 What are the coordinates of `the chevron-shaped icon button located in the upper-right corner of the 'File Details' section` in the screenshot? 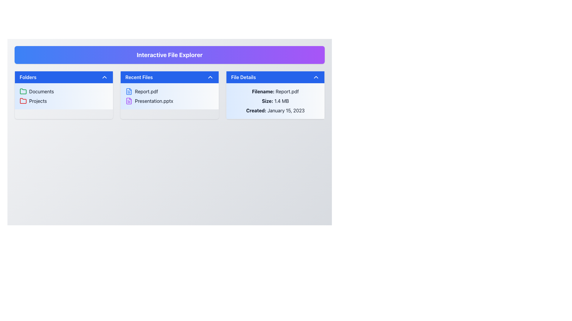 It's located at (315, 77).